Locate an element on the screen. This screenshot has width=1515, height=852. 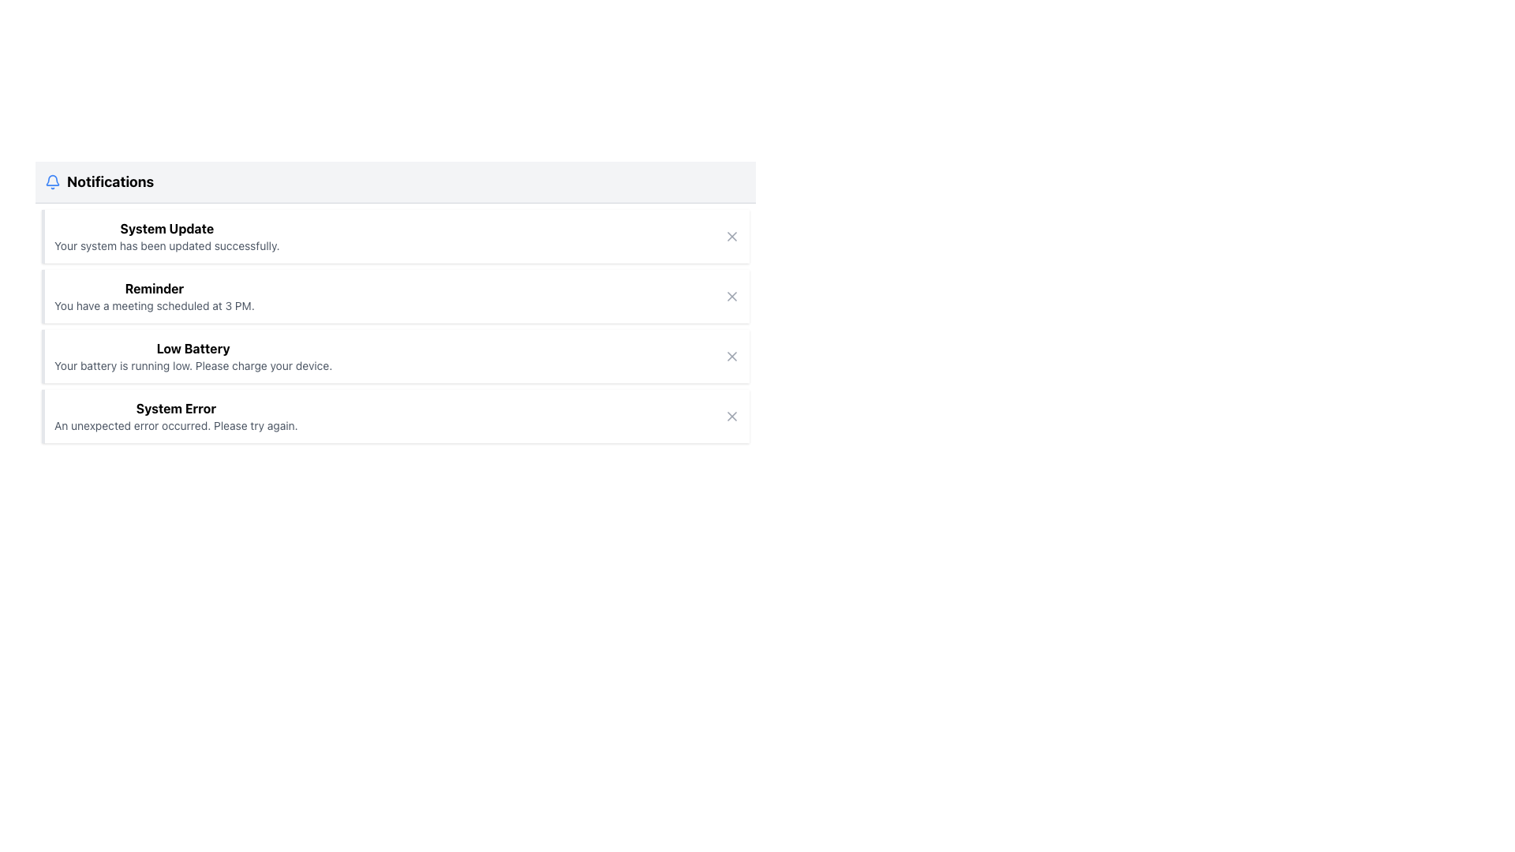
notification content of the 'Reminder' text block that states 'You have a meeting scheduled at 3 PM.' is located at coordinates (154, 296).